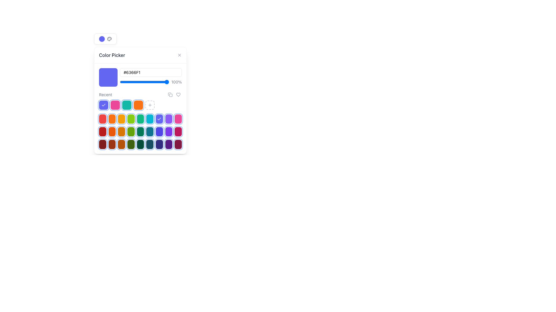 The height and width of the screenshot is (312, 556). I want to click on the button with a white background and blue circular icon for keyboard navigation, so click(105, 39).